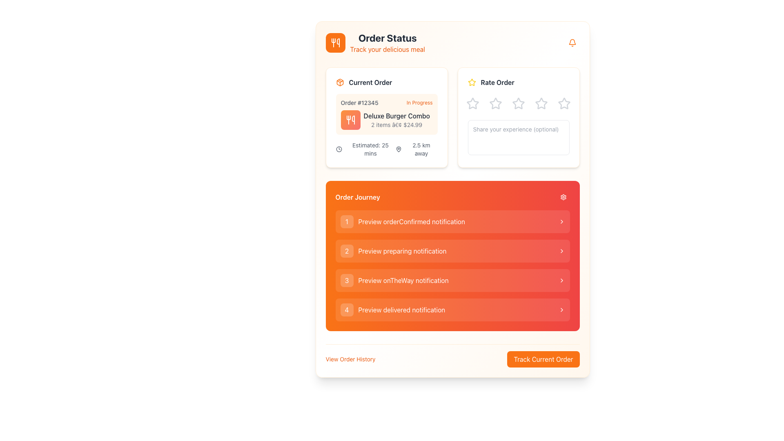 The width and height of the screenshot is (784, 441). I want to click on the 'Current Order' text label, which is styled with a bold font and dark gray color, located above the order details summary on the left-hand side of the interface, so click(370, 82).